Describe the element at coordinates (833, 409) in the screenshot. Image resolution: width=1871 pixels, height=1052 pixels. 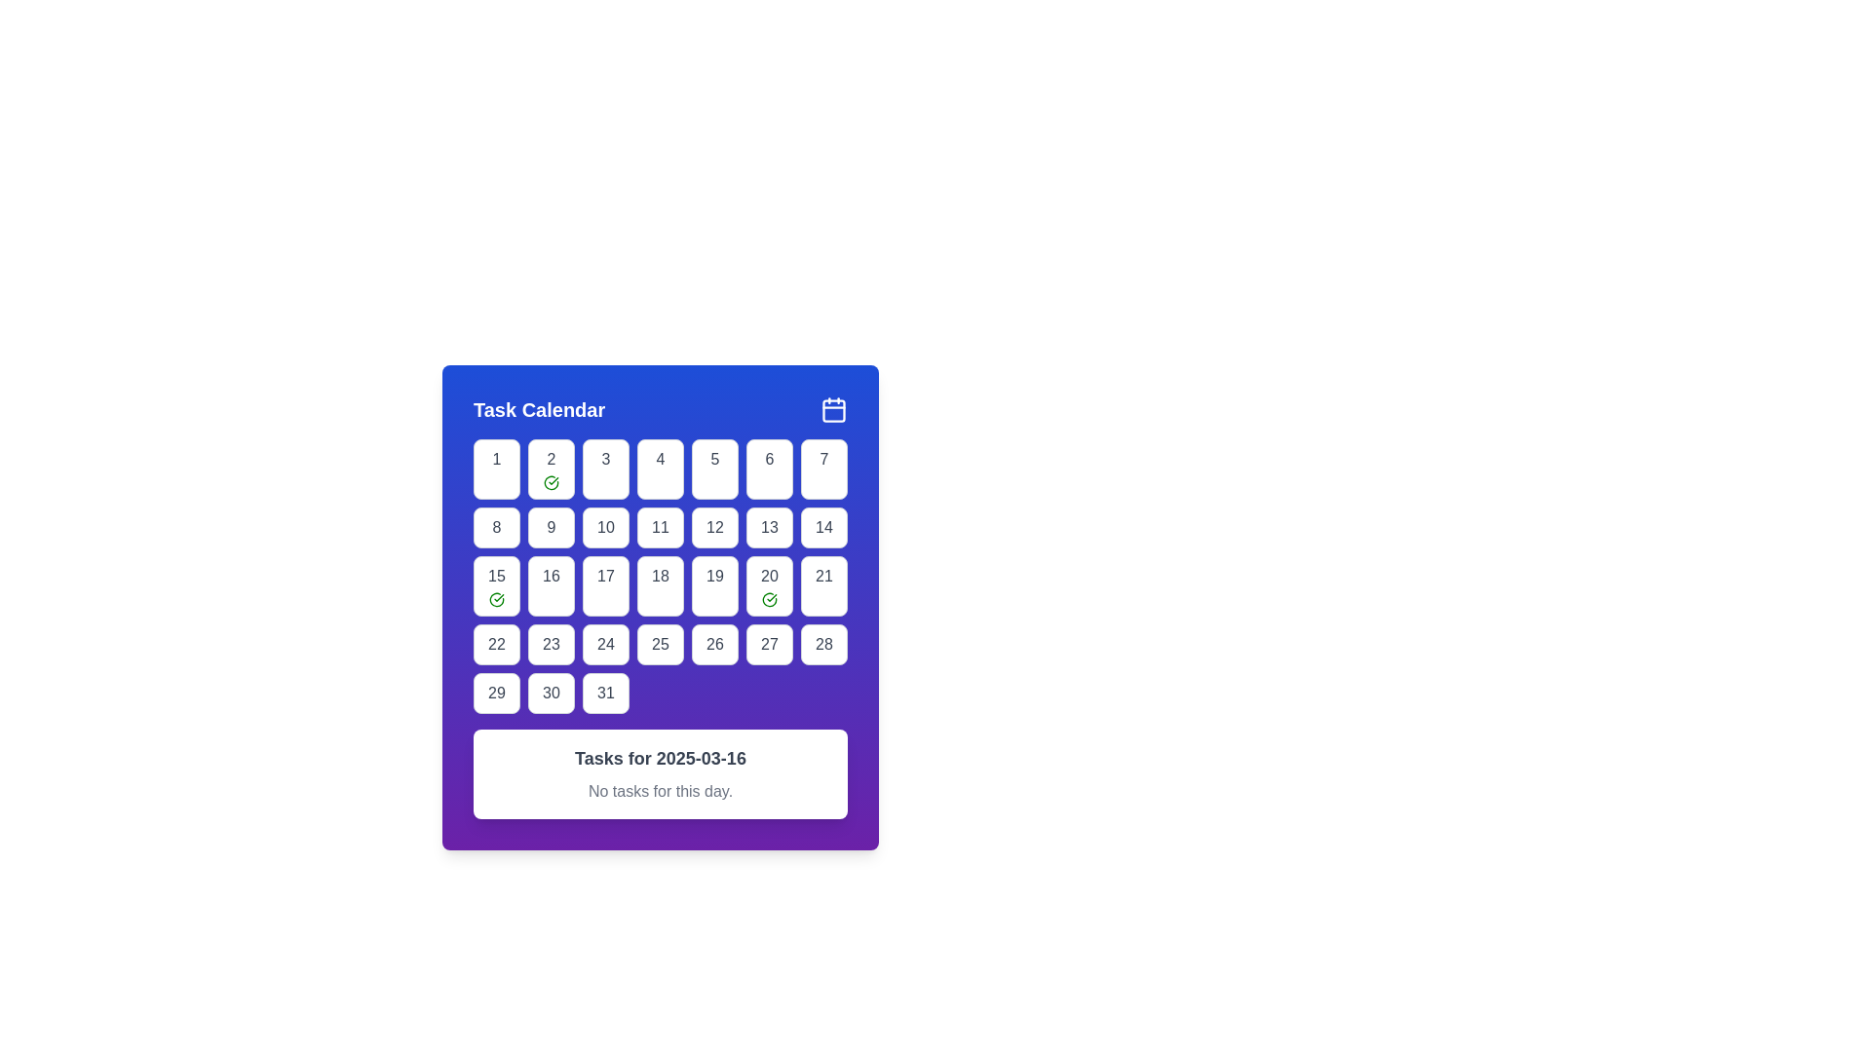
I see `the calendar icon located in the top right corner of the blue header bar` at that location.